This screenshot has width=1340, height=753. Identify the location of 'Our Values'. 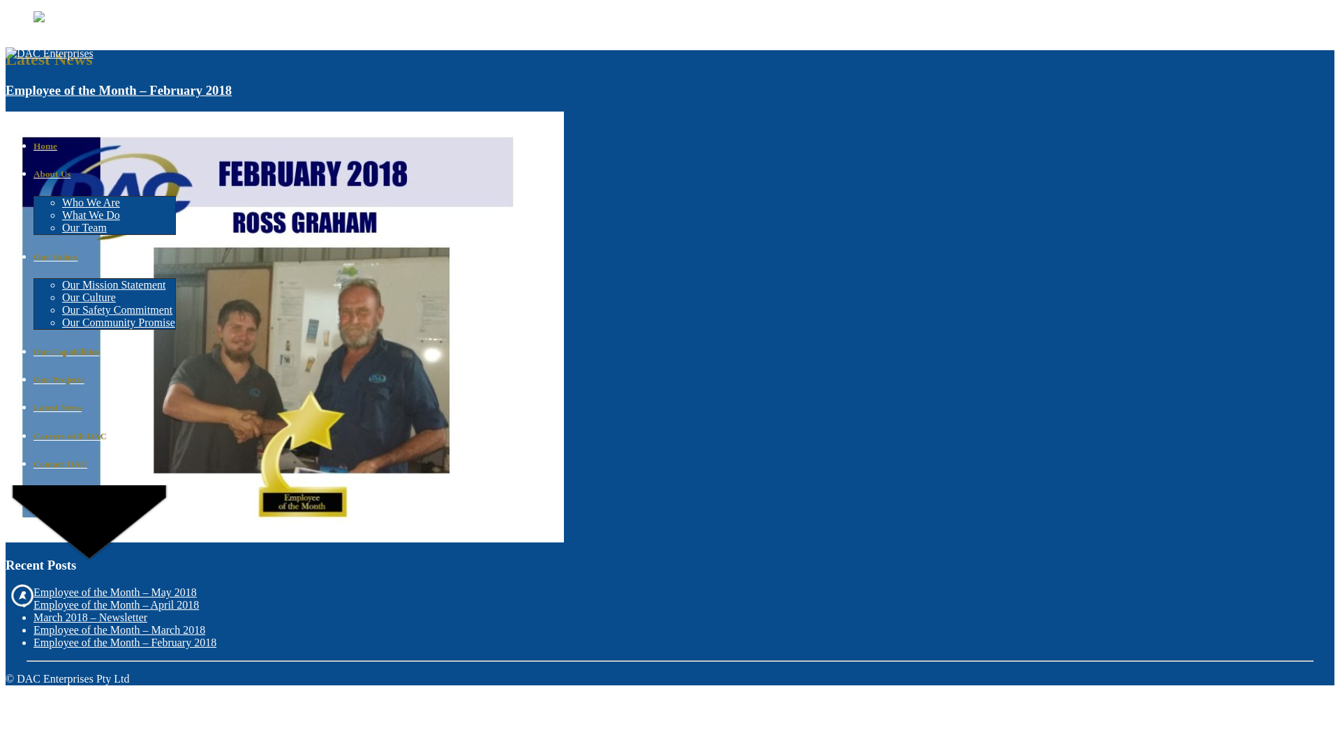
(103, 257).